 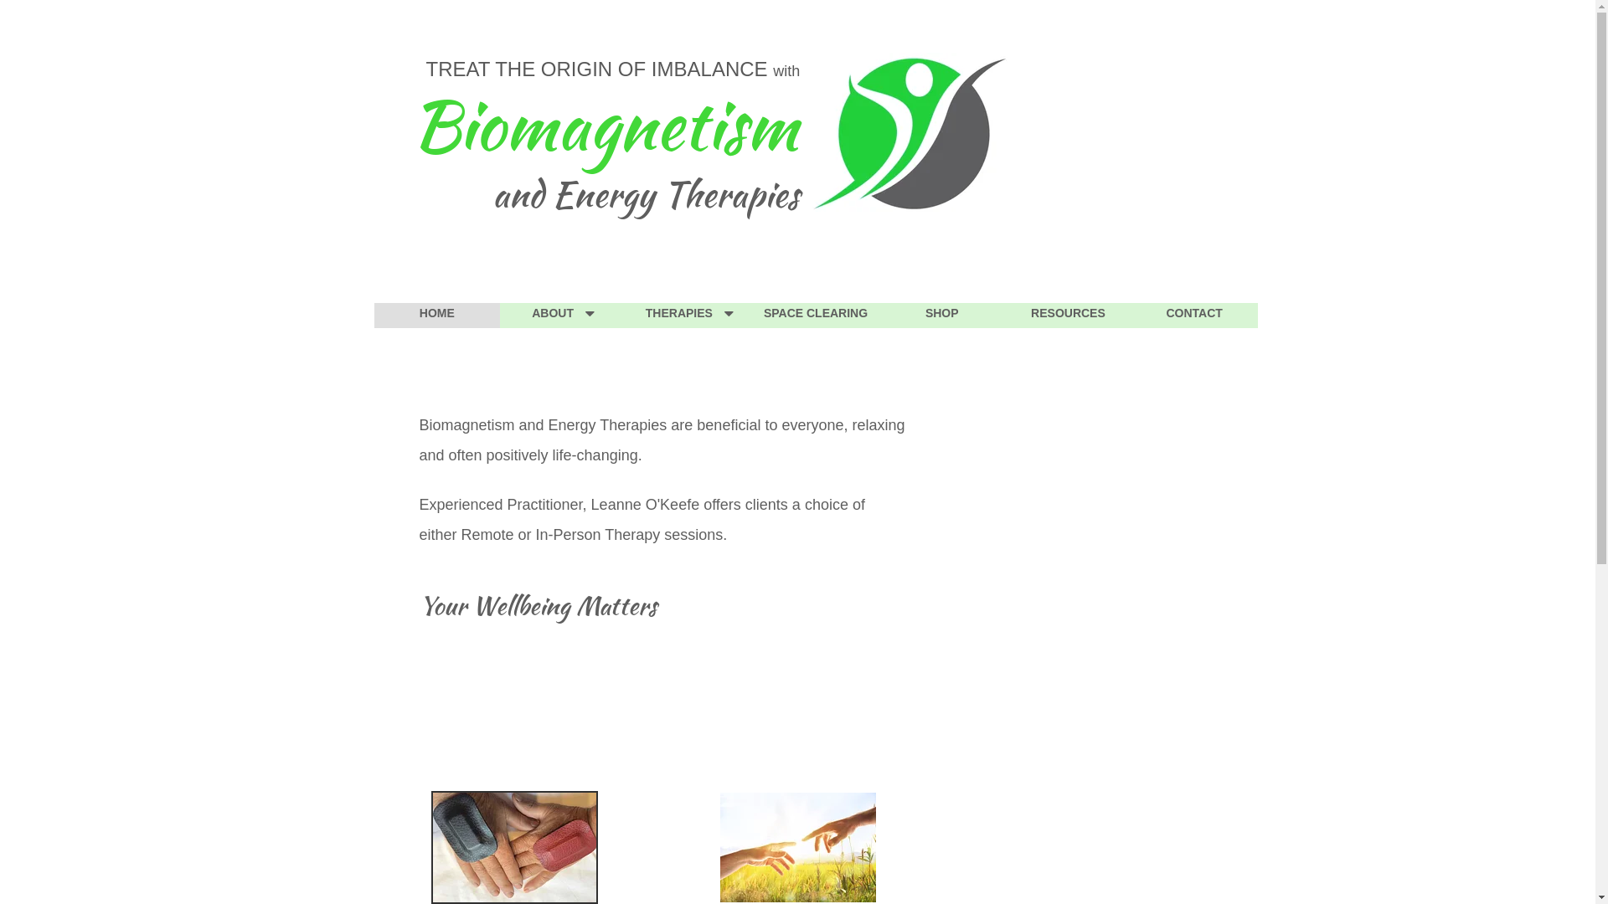 I want to click on 'ABOUT', so click(x=563, y=316).